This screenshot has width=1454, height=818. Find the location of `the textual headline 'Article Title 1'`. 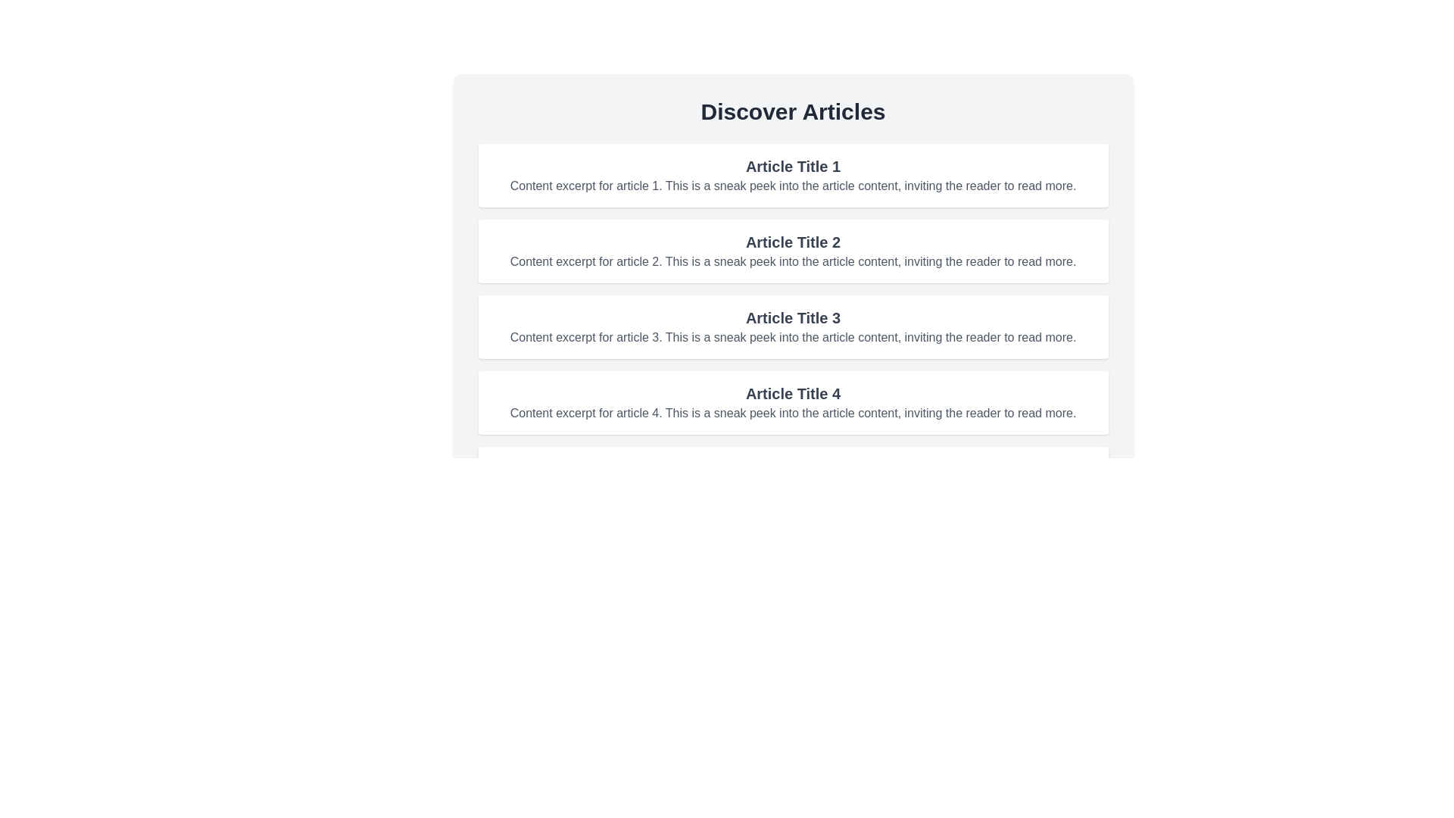

the textual headline 'Article Title 1' is located at coordinates (792, 166).